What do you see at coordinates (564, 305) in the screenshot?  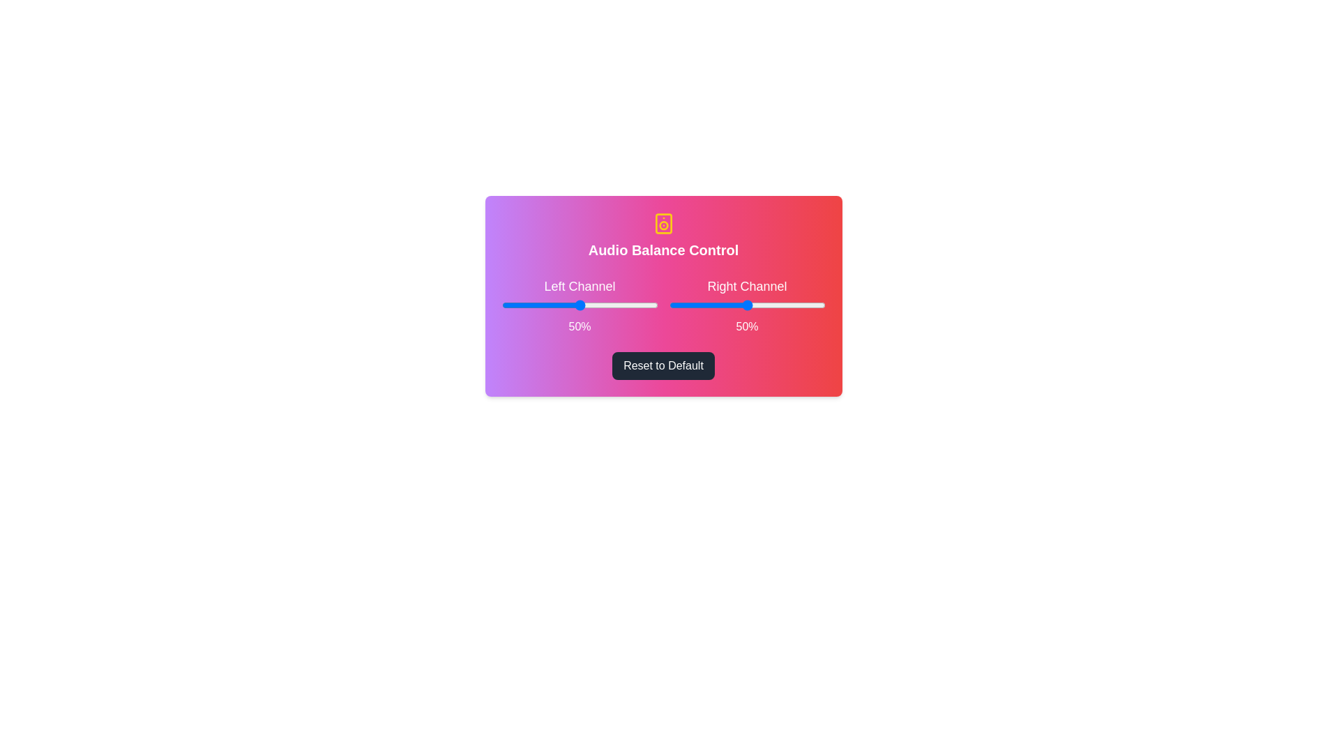 I see `the left slider to 40%` at bounding box center [564, 305].